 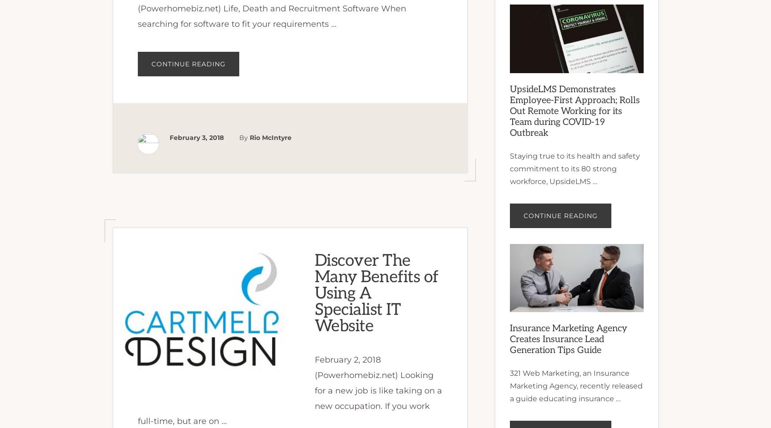 What do you see at coordinates (509, 338) in the screenshot?
I see `'Insurance Marketing Agency Creates Insurance Lead Generation Tips Guide'` at bounding box center [509, 338].